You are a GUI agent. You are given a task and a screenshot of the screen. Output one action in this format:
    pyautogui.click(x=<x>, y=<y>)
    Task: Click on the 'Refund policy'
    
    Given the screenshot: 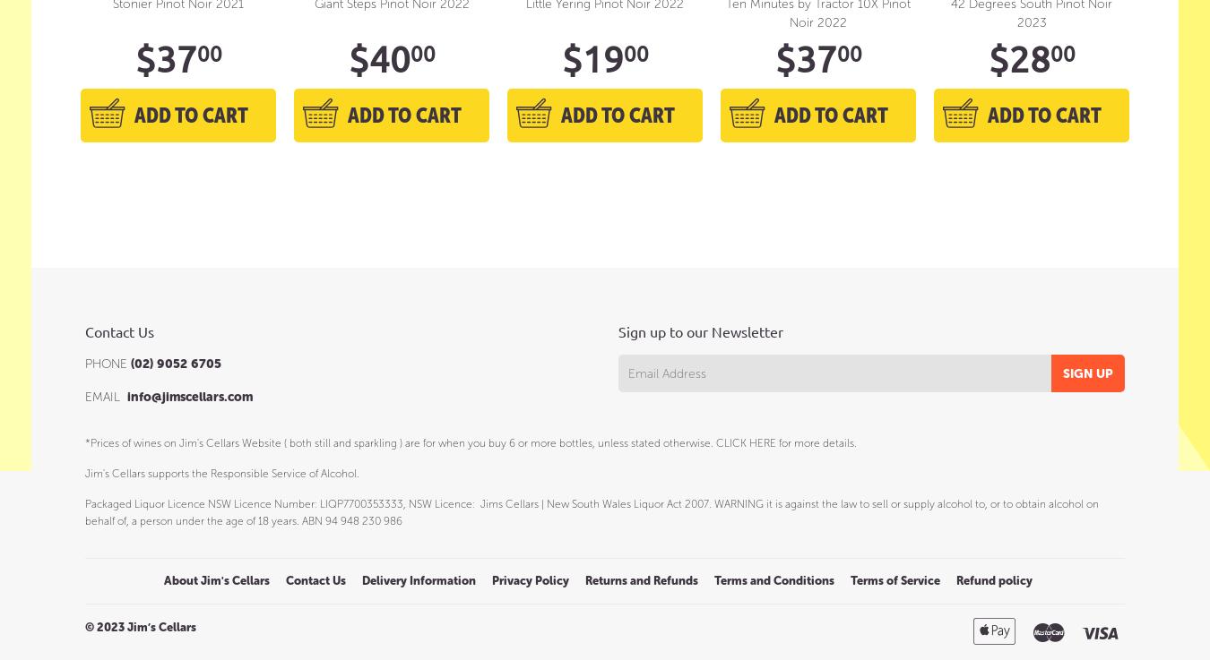 What is the action you would take?
    pyautogui.click(x=956, y=579)
    